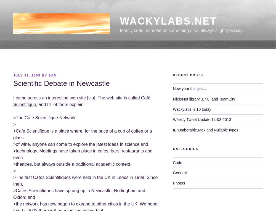 The image size is (276, 211). What do you see at coordinates (192, 109) in the screenshot?
I see `'Wackylabs is 10 today'` at bounding box center [192, 109].